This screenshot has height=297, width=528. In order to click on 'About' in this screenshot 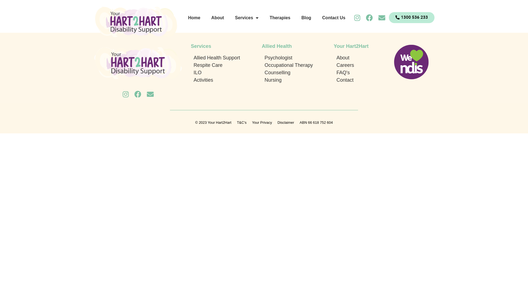, I will do `click(217, 18)`.